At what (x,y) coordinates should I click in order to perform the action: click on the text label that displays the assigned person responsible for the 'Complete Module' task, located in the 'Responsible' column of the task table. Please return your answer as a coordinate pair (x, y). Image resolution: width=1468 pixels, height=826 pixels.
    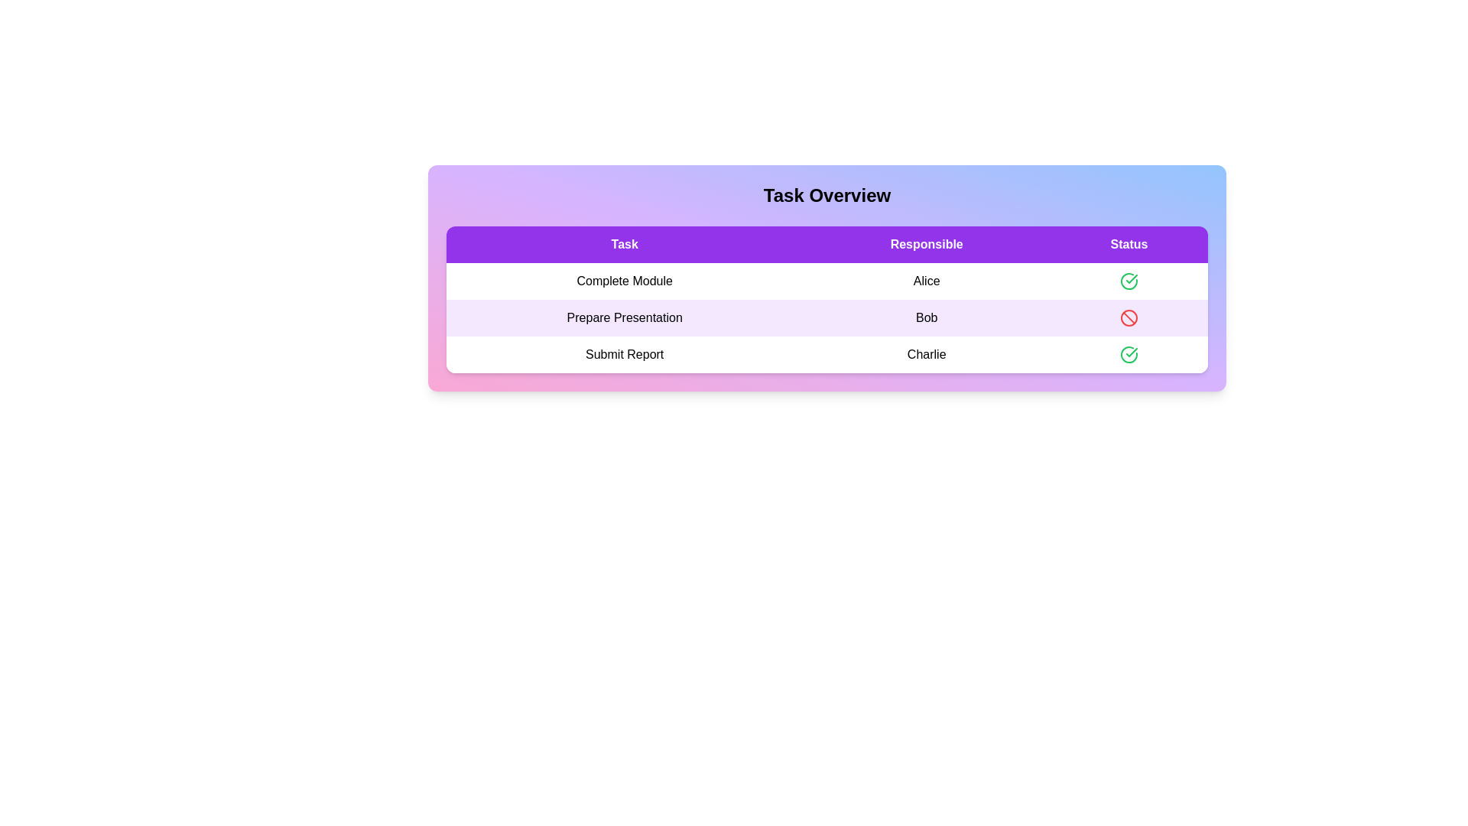
    Looking at the image, I should click on (926, 281).